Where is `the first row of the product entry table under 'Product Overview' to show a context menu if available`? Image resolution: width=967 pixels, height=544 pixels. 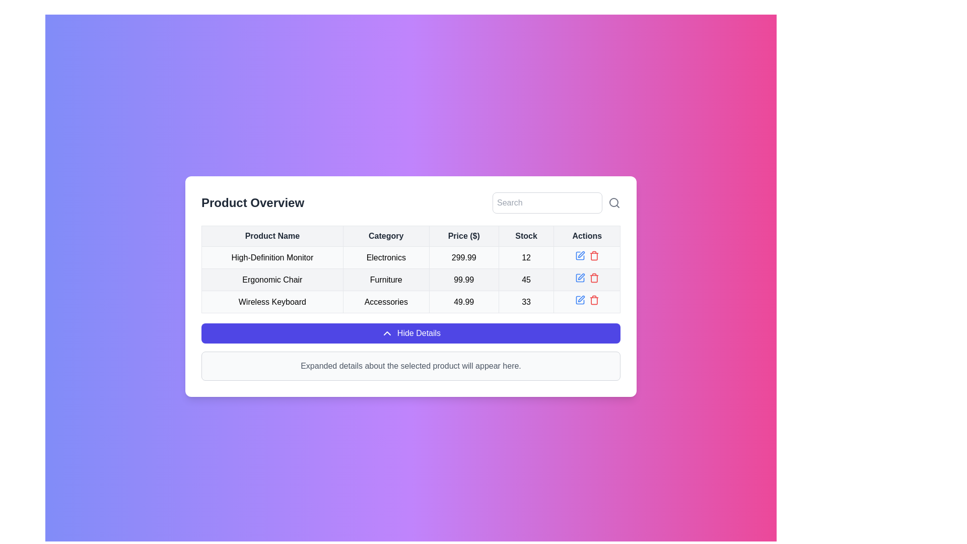 the first row of the product entry table under 'Product Overview' to show a context menu if available is located at coordinates (411, 256).